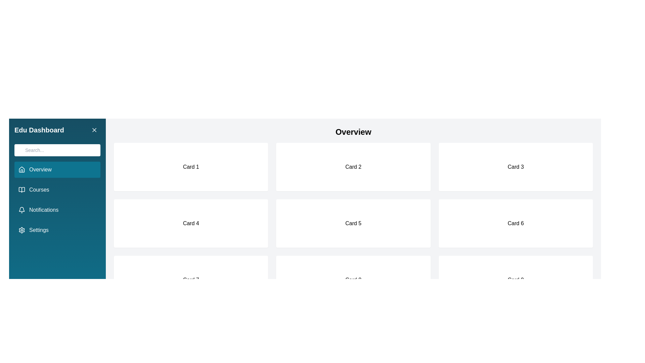 This screenshot has width=645, height=363. Describe the element at coordinates (57, 169) in the screenshot. I see `the menu item Overview to navigate to the corresponding section` at that location.